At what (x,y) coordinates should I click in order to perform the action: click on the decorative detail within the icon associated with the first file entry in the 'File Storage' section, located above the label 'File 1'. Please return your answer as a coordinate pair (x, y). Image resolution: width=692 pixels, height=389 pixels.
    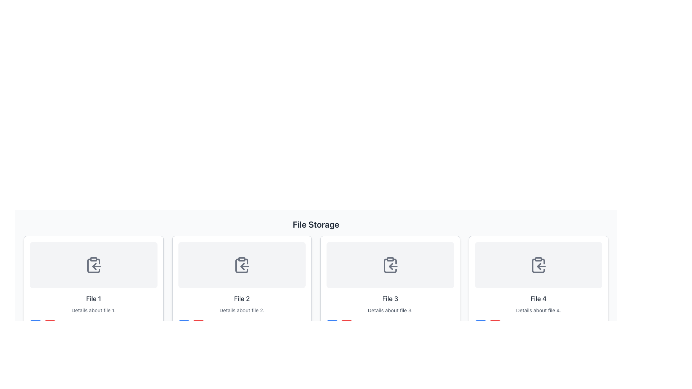
    Looking at the image, I should click on (93, 259).